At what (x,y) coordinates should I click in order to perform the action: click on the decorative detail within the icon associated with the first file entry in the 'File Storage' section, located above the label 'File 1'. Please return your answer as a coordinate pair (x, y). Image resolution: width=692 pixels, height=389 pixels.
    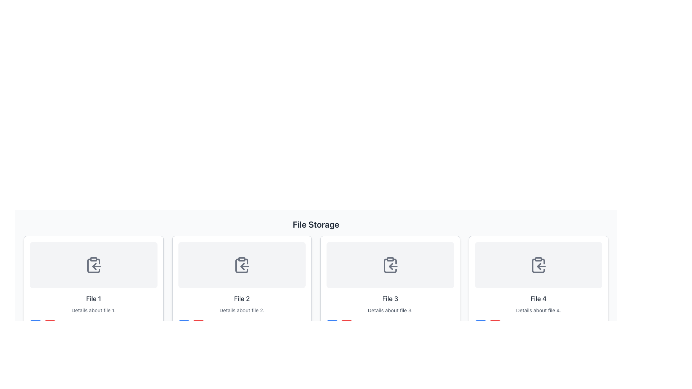
    Looking at the image, I should click on (93, 259).